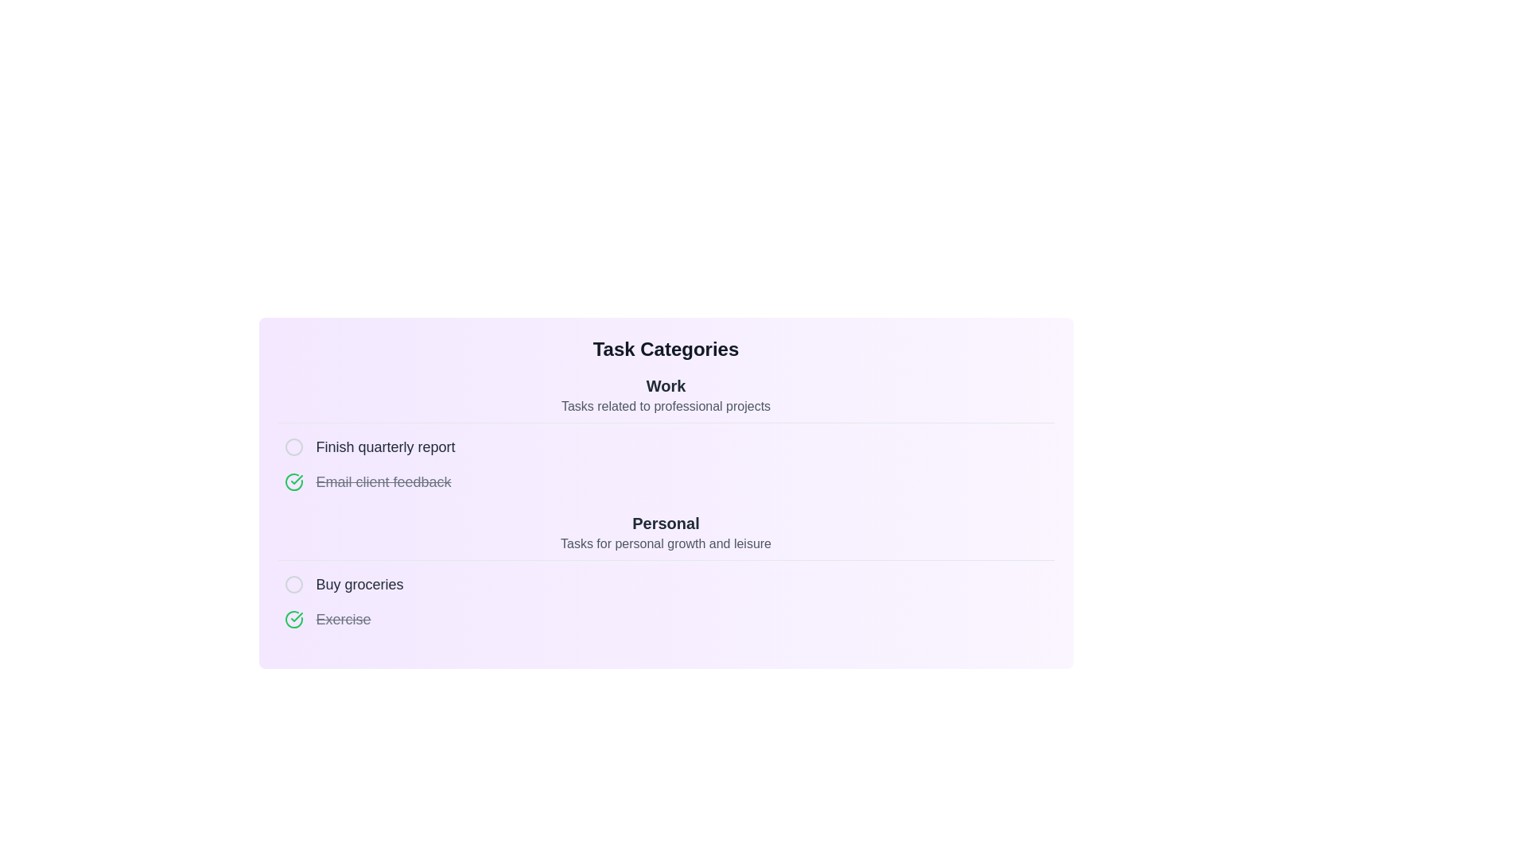  What do you see at coordinates (666, 398) in the screenshot?
I see `the Header with a subtitle that describes and categorizes tasks under the label 'Work', positioned above the task items and below the title labeled 'Task Categories'` at bounding box center [666, 398].